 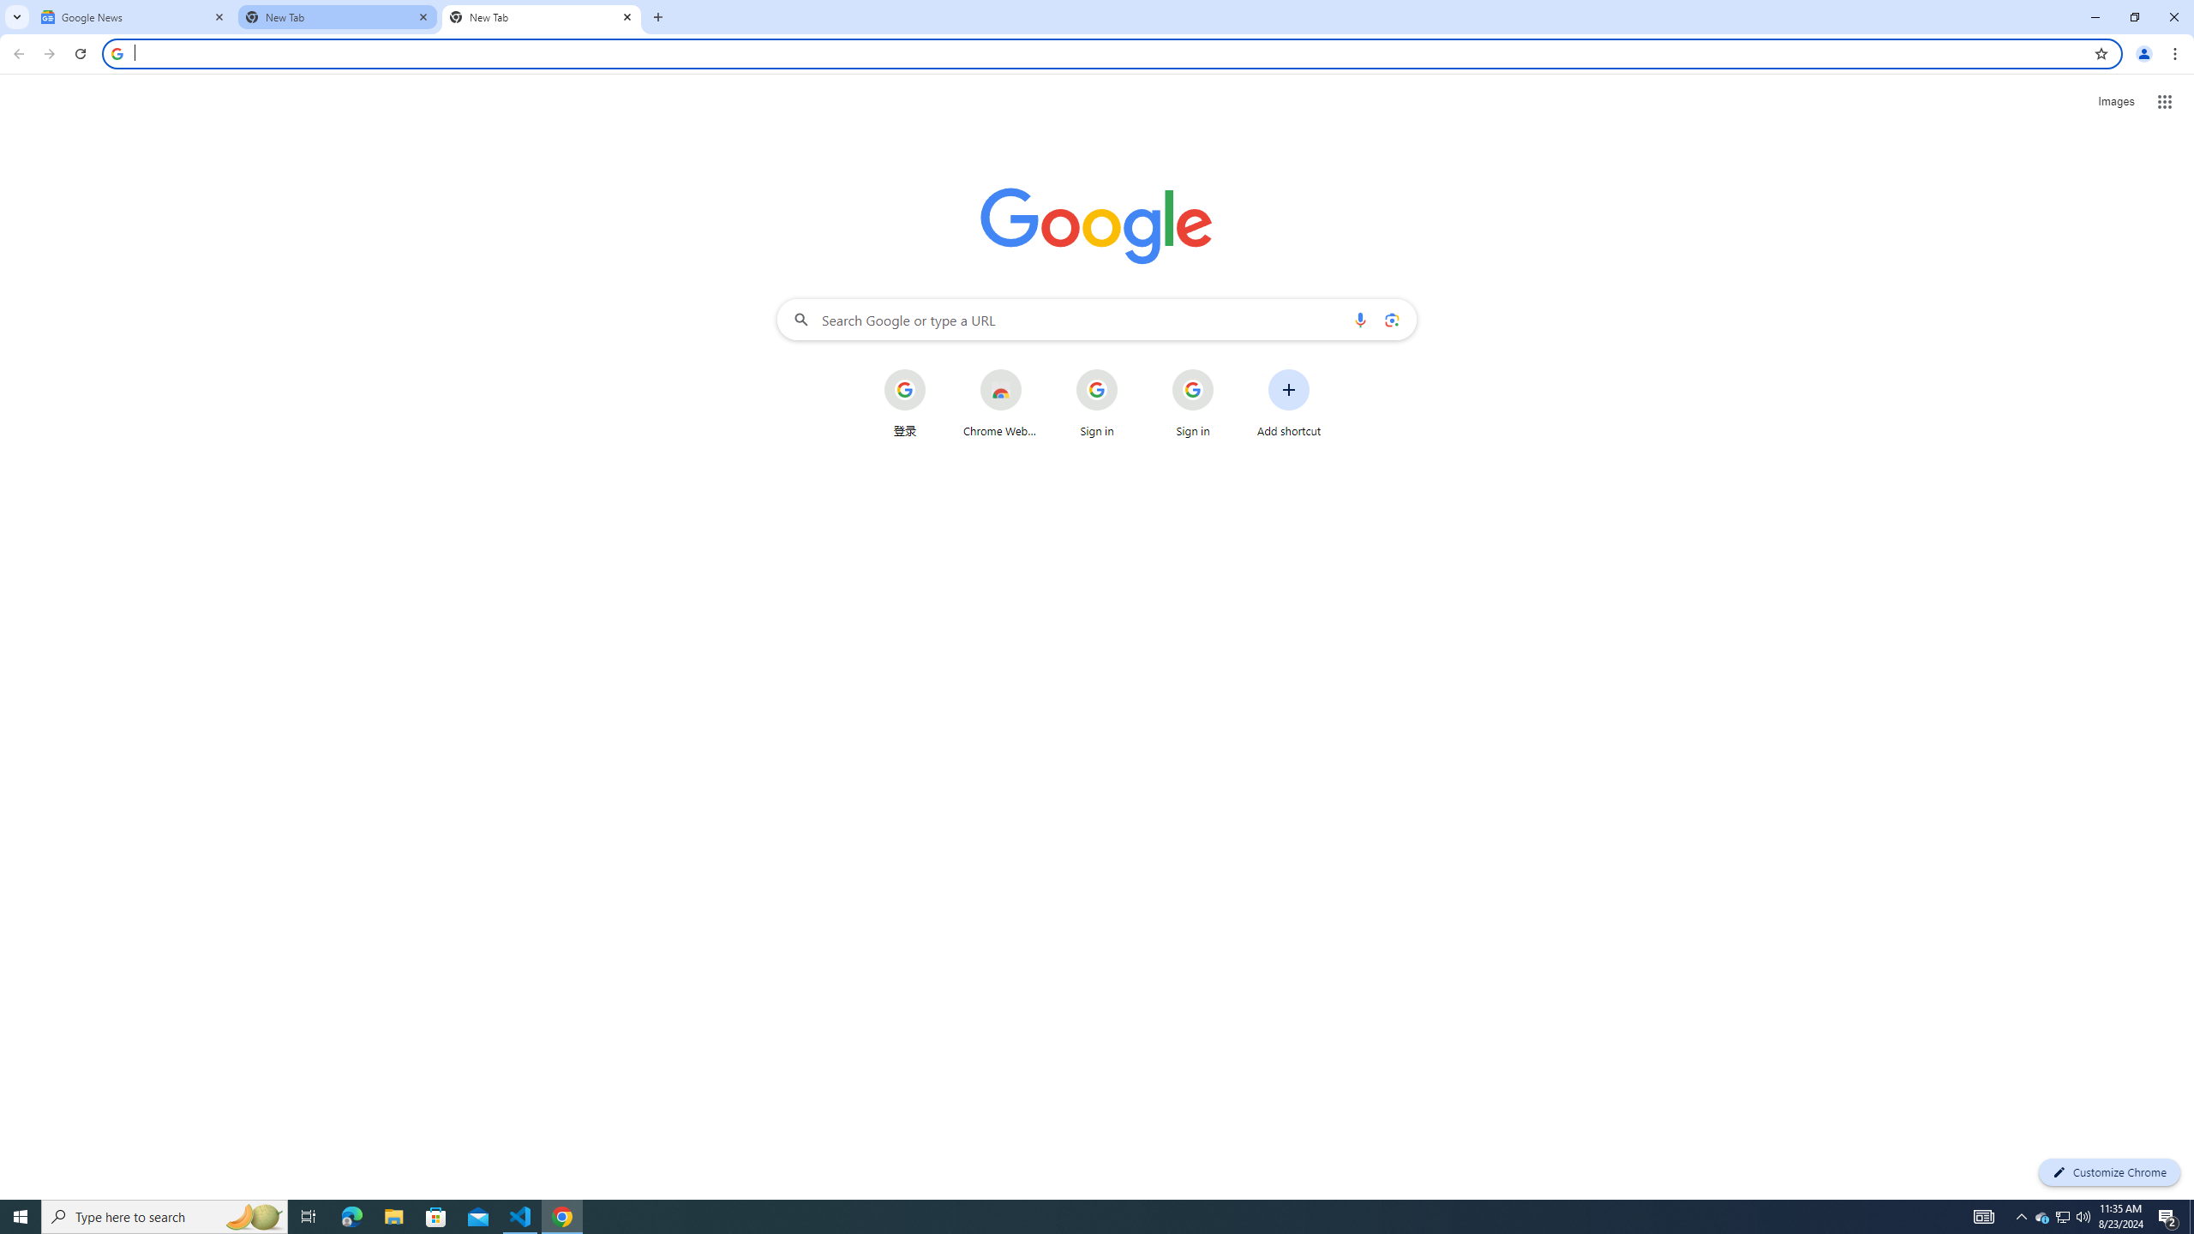 I want to click on 'Add shortcut', so click(x=1289, y=403).